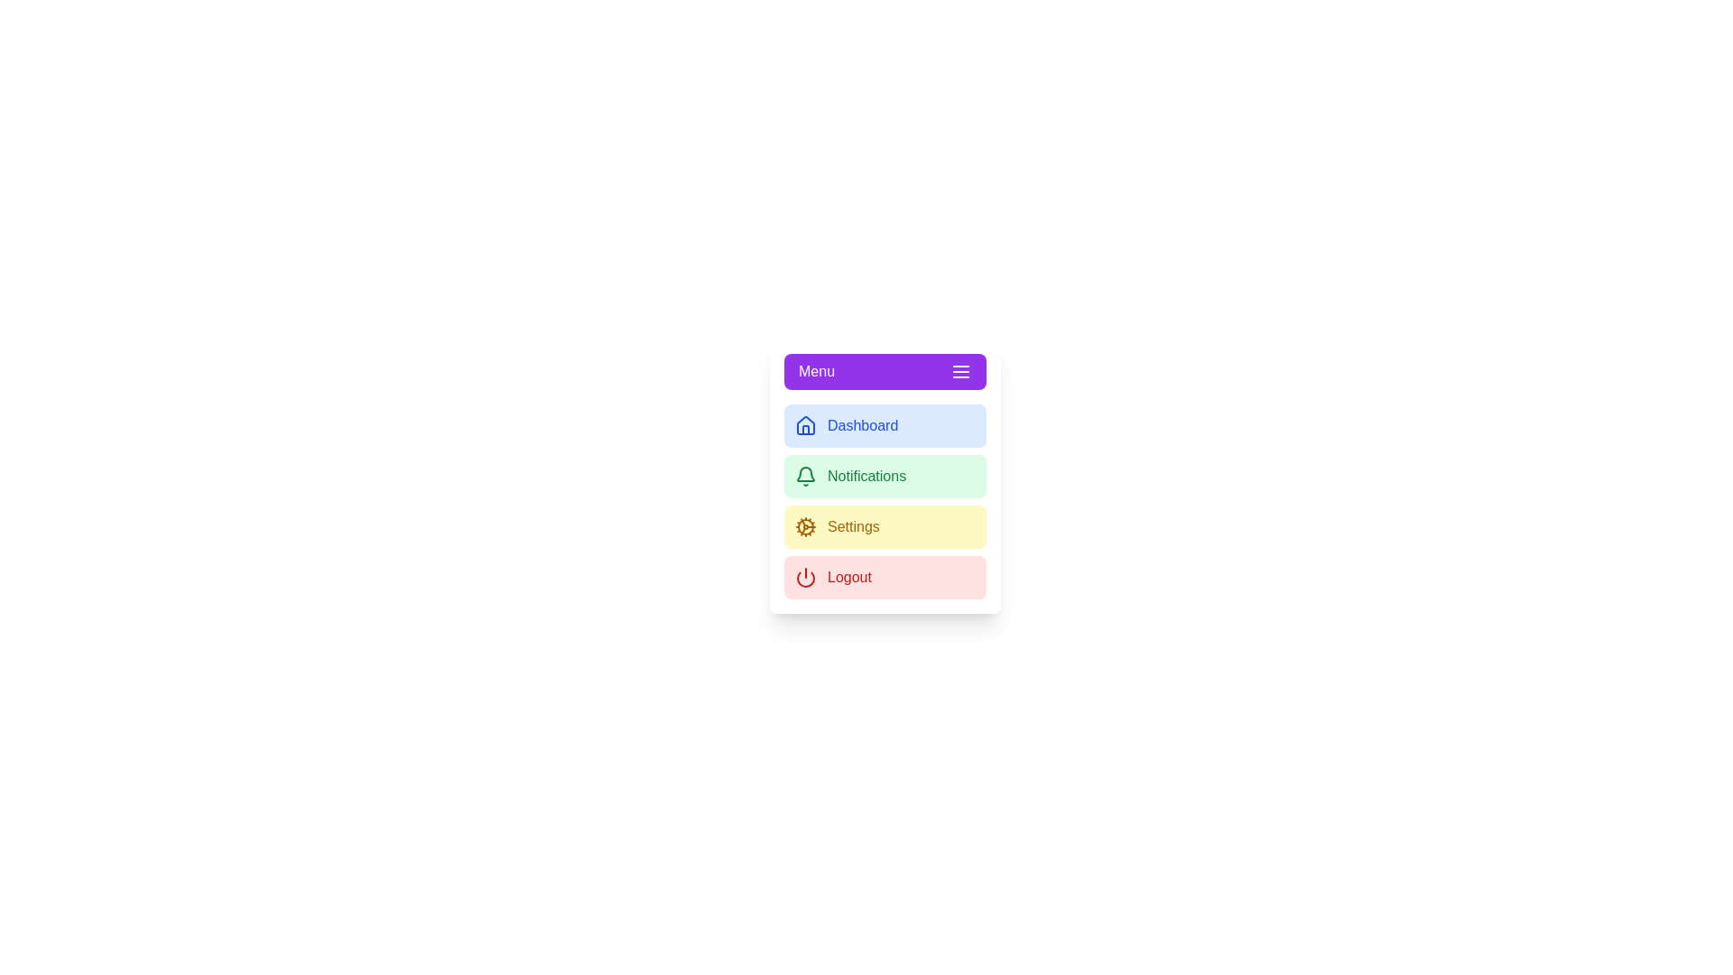  Describe the element at coordinates (885, 425) in the screenshot. I see `the menu item Dashboard from the sidebar menu` at that location.